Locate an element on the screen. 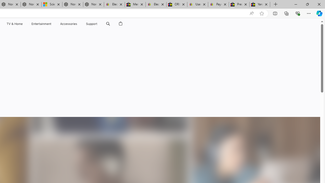 Image resolution: width=325 pixels, height=183 pixels. 'Nordace - FAQ' is located at coordinates (93, 4).